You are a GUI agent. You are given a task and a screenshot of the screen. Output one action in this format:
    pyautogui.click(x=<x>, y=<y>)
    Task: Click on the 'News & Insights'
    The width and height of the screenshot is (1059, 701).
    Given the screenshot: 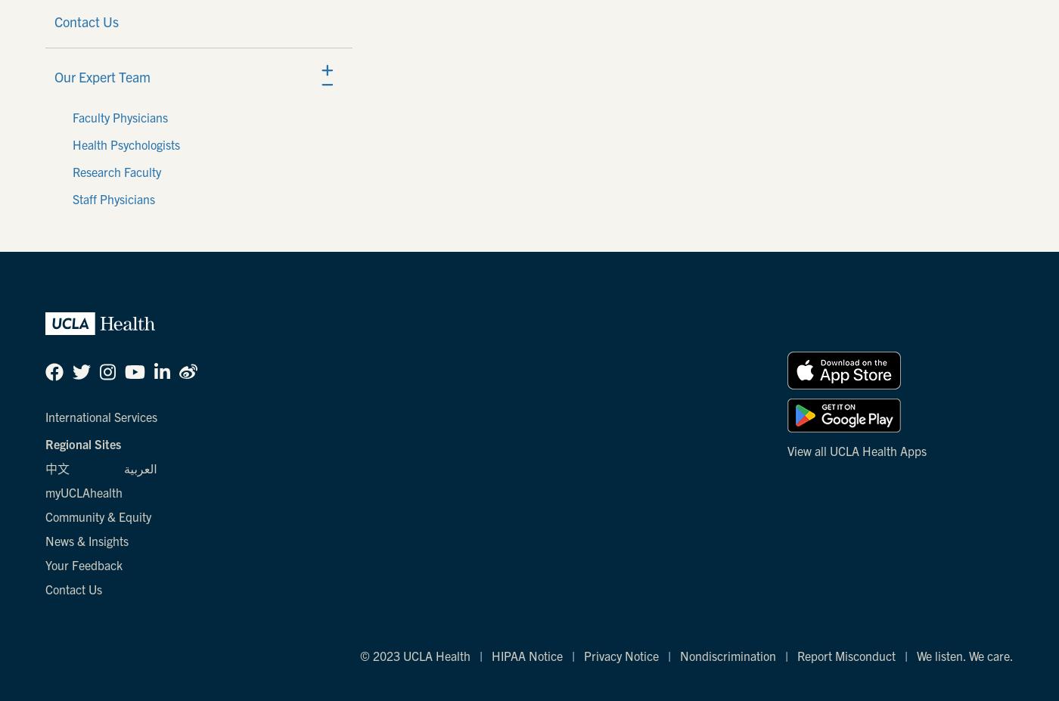 What is the action you would take?
    pyautogui.click(x=86, y=539)
    